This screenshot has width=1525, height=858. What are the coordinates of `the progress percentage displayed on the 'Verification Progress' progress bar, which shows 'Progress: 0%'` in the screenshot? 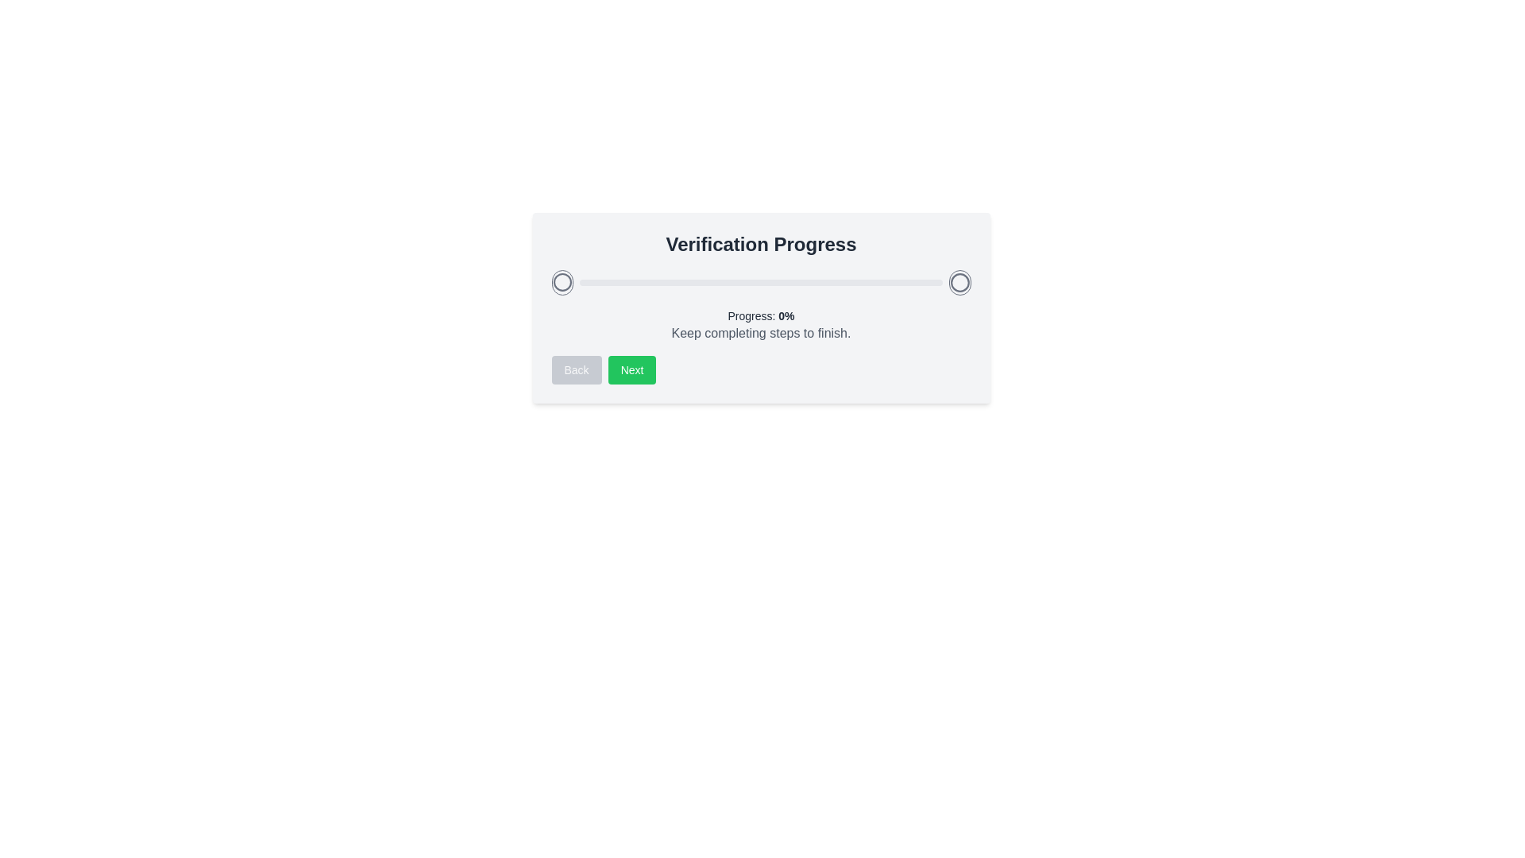 It's located at (760, 308).